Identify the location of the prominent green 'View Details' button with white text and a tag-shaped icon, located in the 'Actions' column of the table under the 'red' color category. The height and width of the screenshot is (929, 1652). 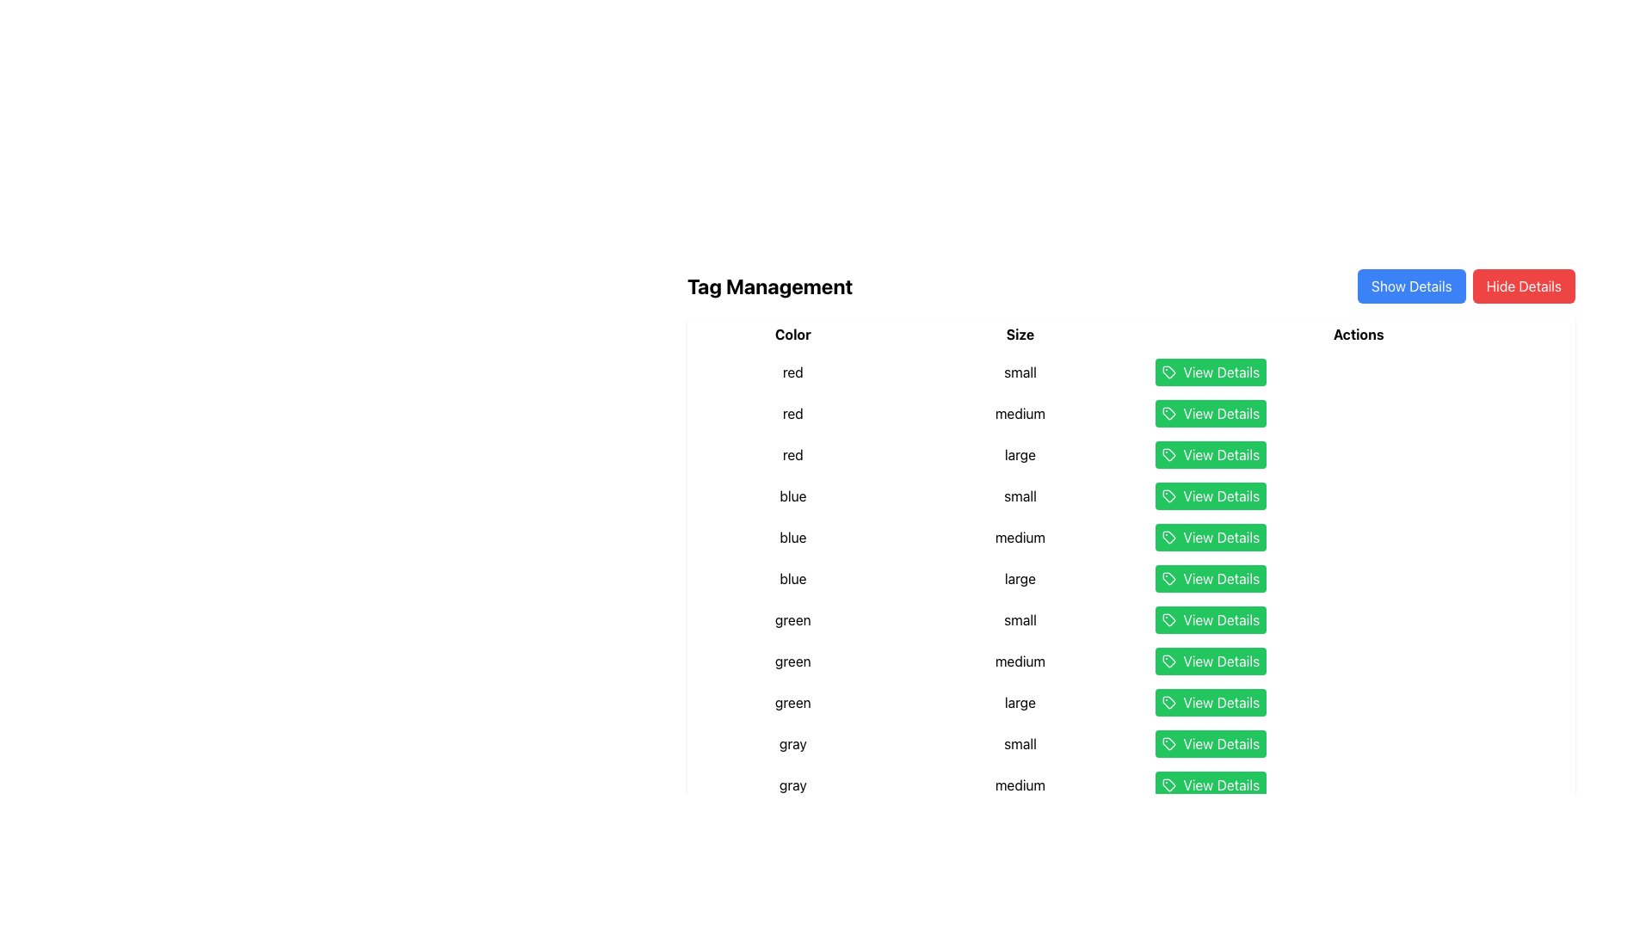
(1210, 453).